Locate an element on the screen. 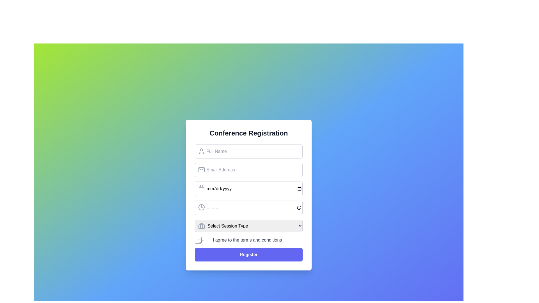  the envelope icon indicating email, located to the left of the email address input box, to trigger a visual change is located at coordinates (202, 168).